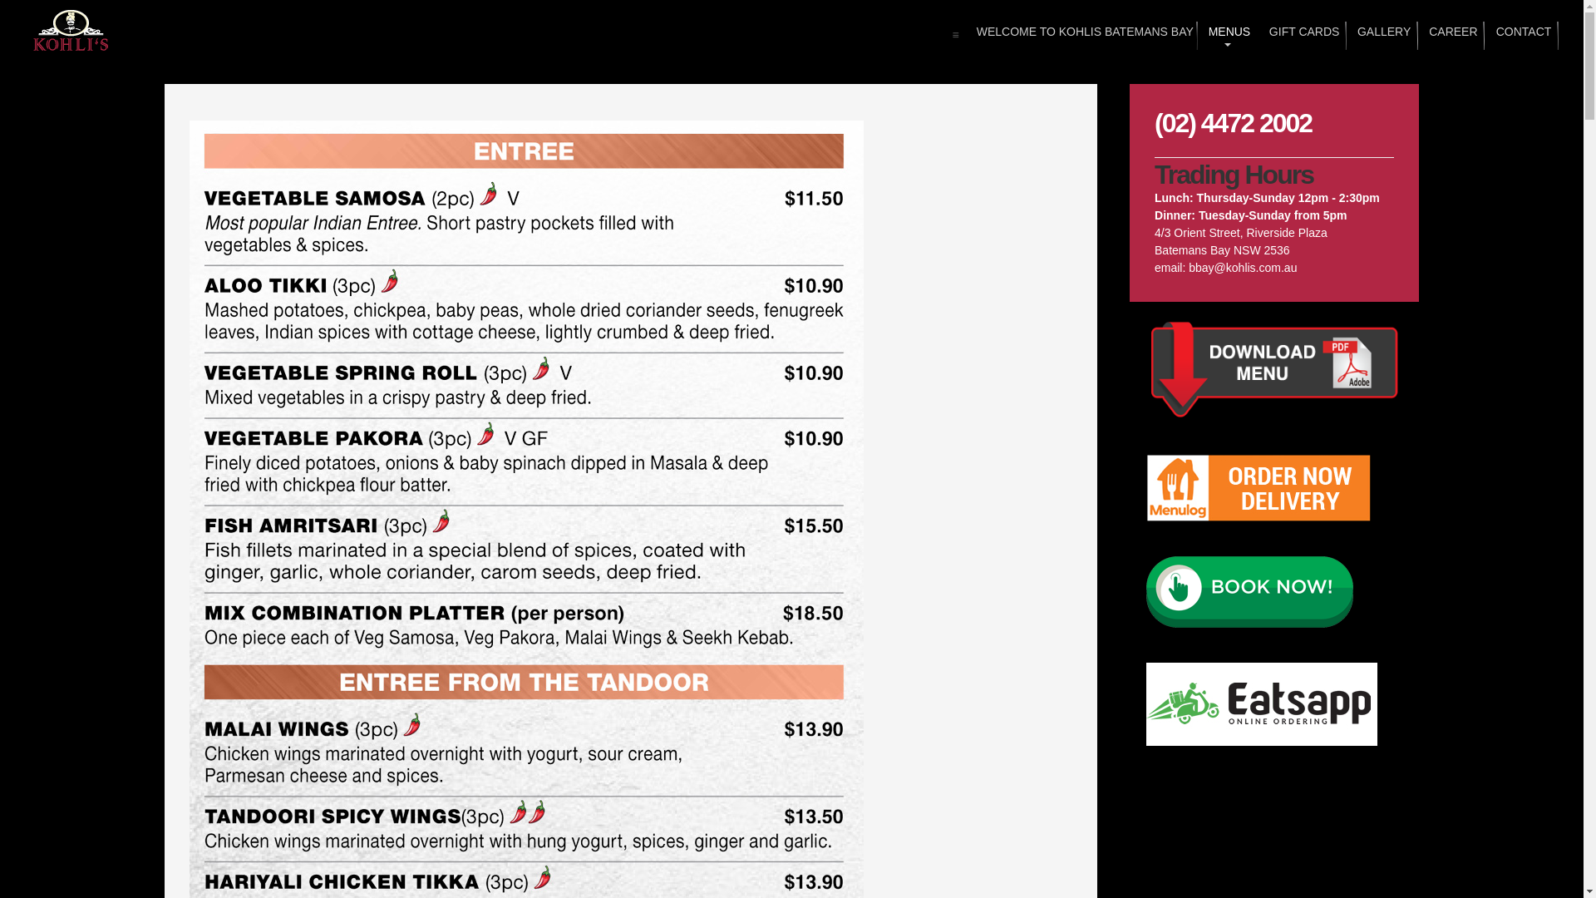 This screenshot has width=1596, height=898. I want to click on 'CONTACT', so click(1495, 35).